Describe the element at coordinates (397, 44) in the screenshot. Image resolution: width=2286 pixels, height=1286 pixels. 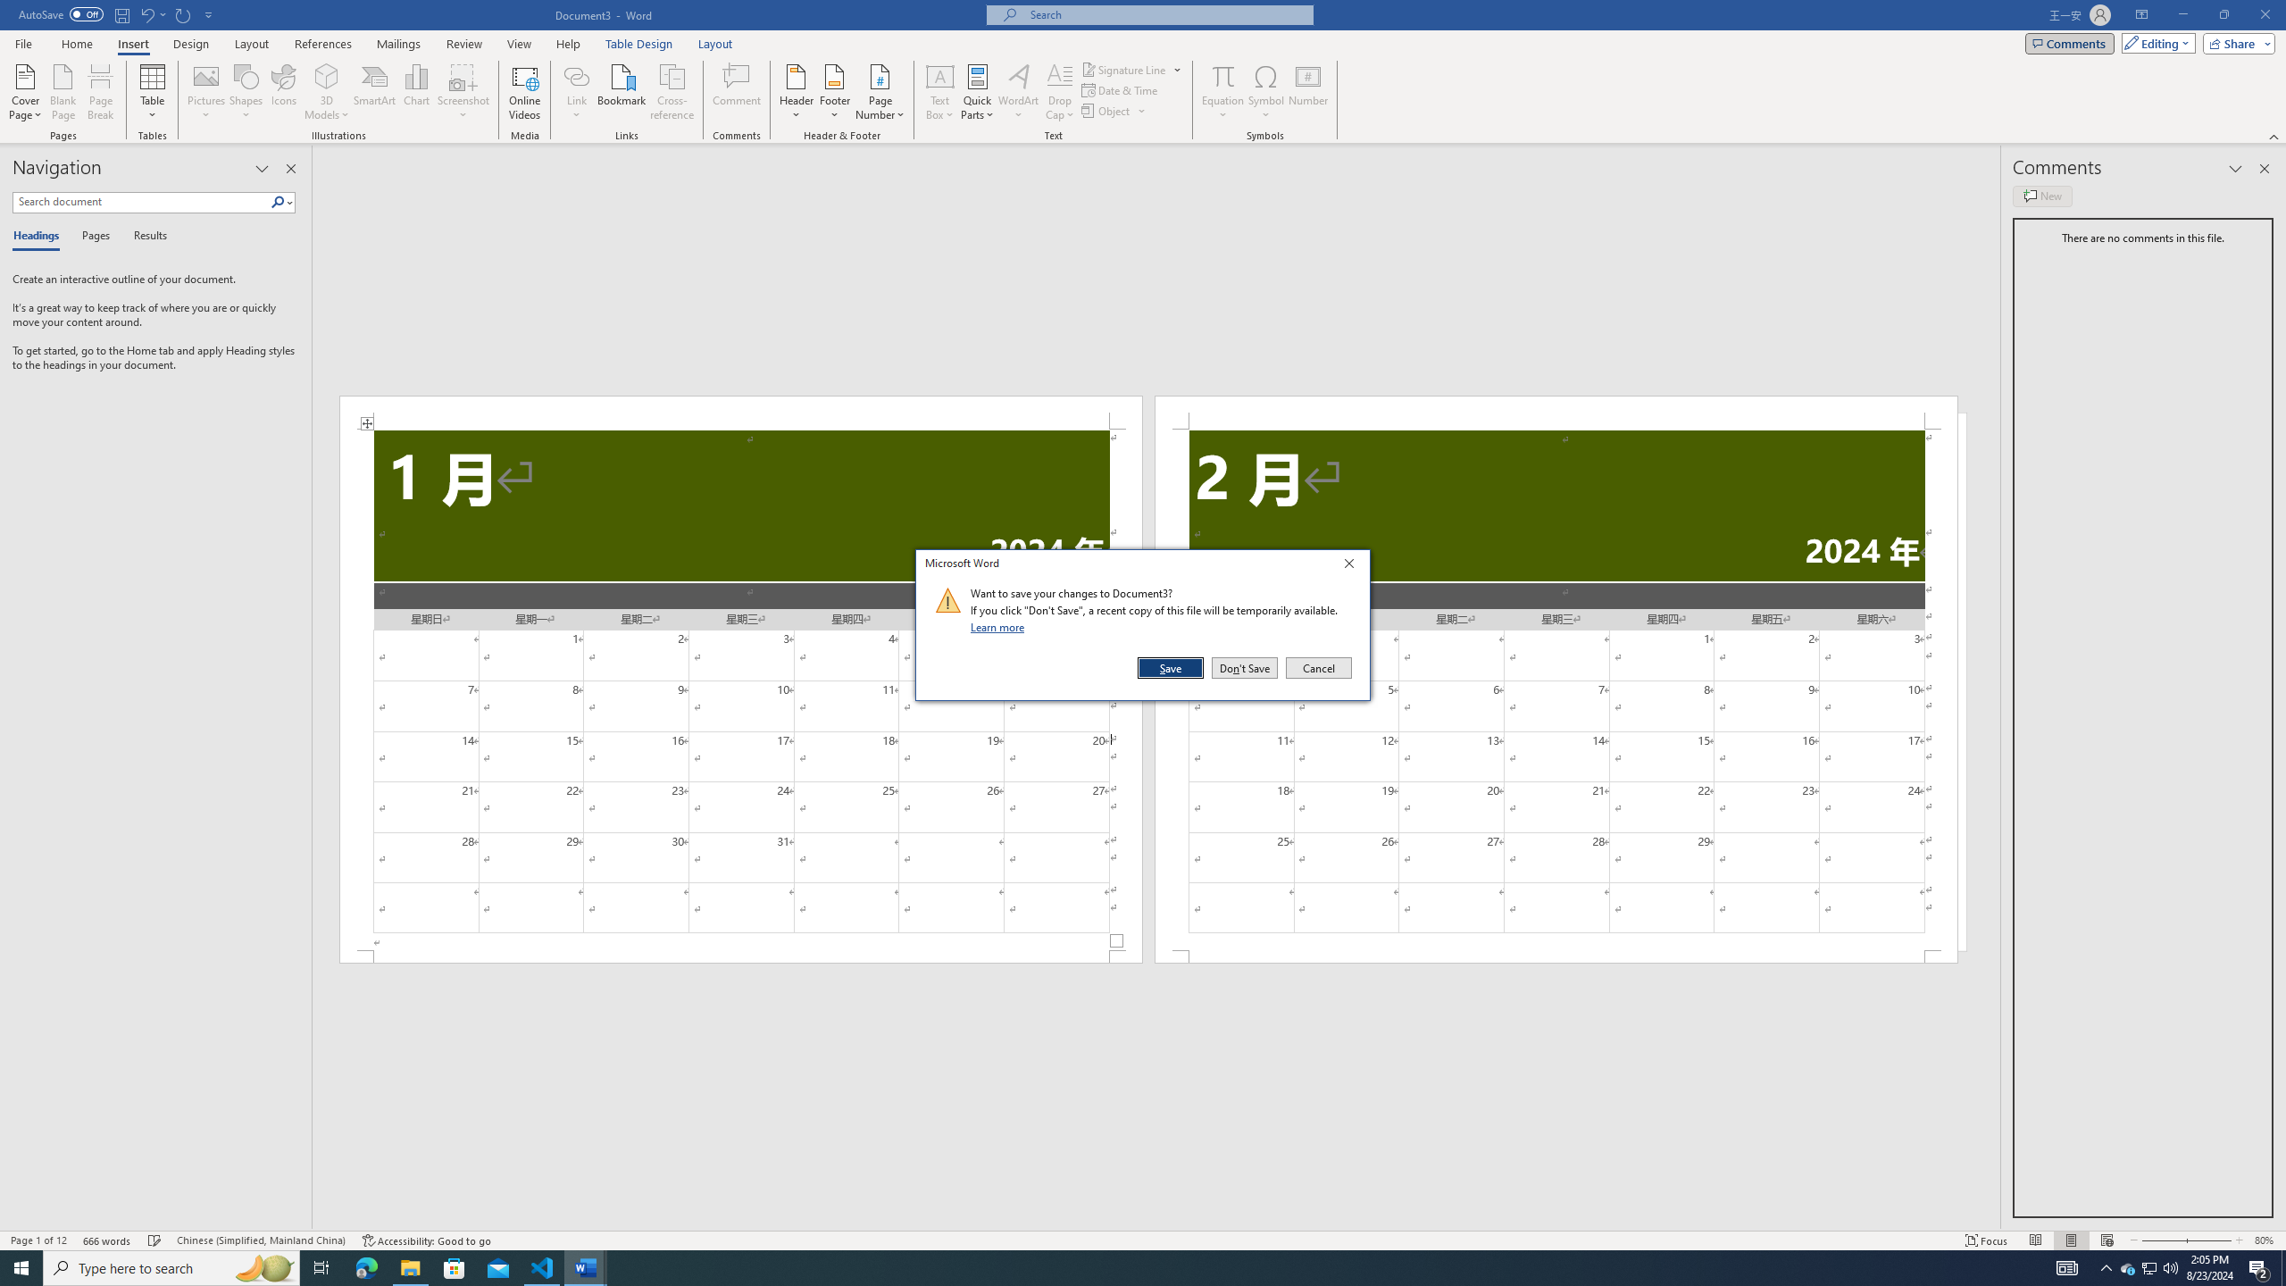
I see `'Mailings'` at that location.